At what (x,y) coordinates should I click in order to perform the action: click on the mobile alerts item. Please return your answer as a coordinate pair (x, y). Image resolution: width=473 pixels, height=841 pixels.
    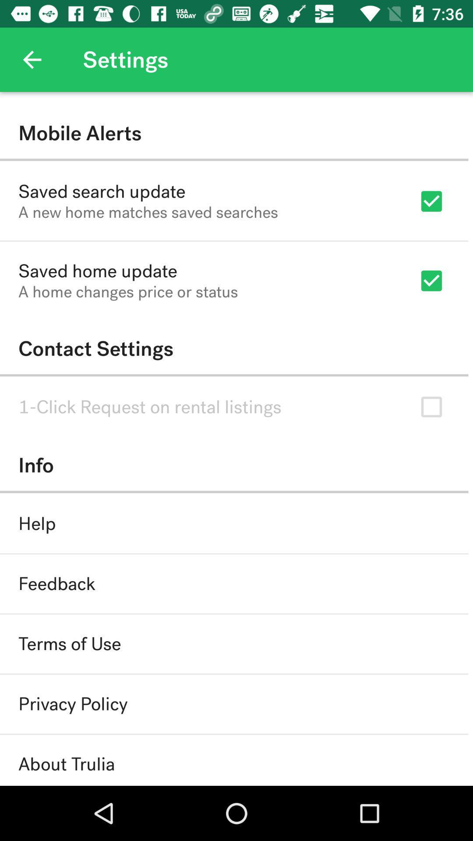
    Looking at the image, I should click on (233, 133).